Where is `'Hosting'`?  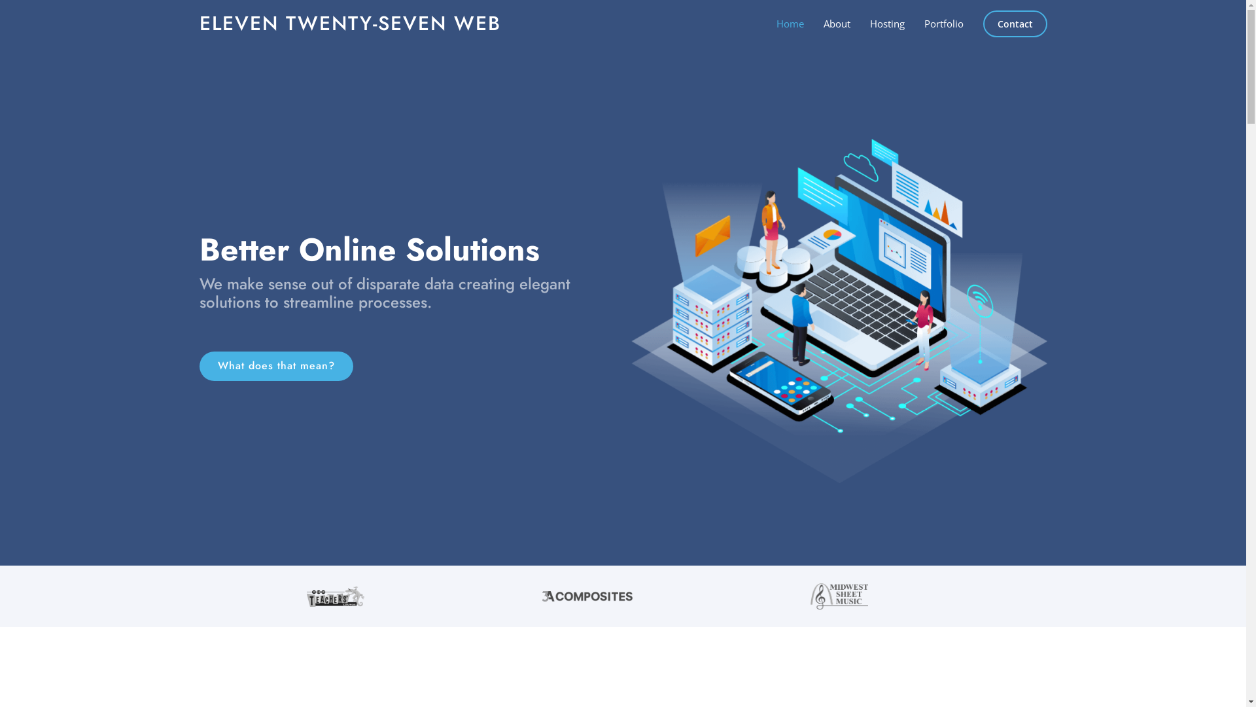
'Hosting' is located at coordinates (877, 24).